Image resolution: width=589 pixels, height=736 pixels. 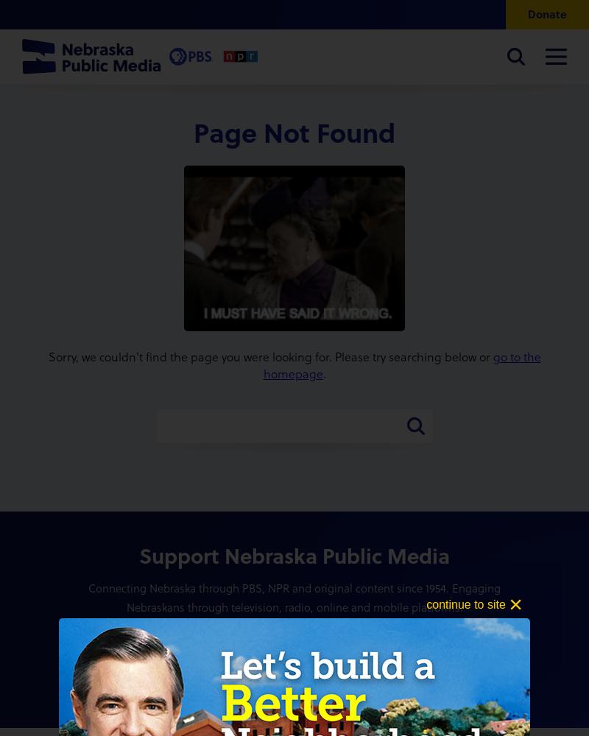 I want to click on 'PBS KIDS Livestream', so click(x=55, y=345).